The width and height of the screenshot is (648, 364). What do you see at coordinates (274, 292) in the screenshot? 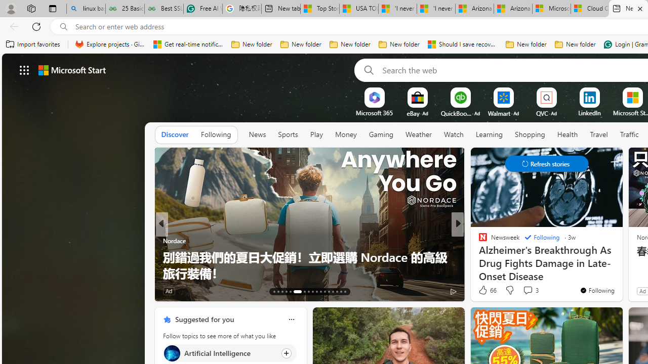
I see `'AutomationID: tab-13'` at bounding box center [274, 292].